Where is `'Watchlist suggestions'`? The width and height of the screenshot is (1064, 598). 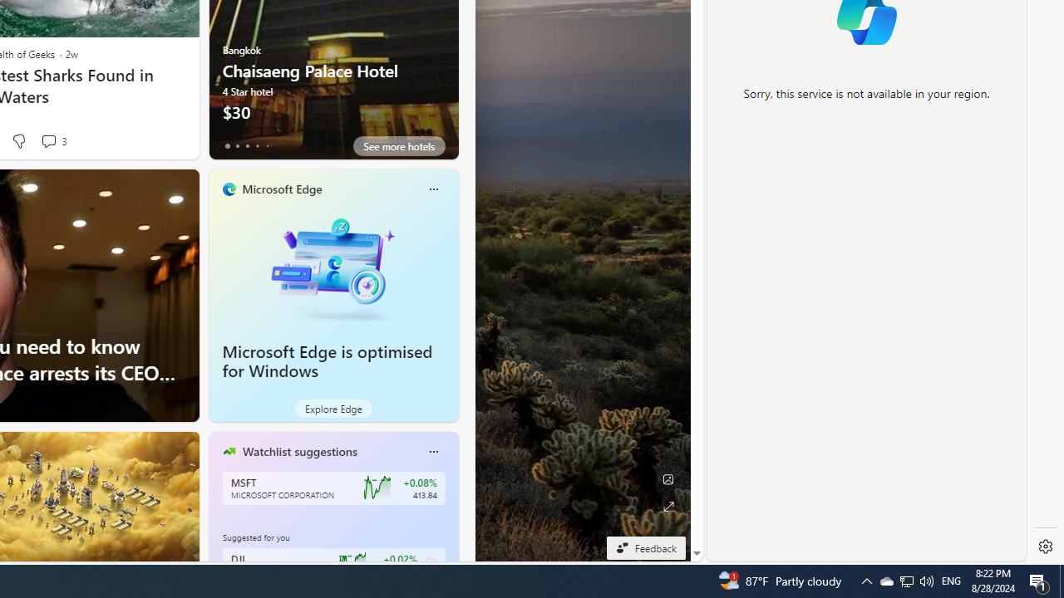 'Watchlist suggestions' is located at coordinates (299, 451).